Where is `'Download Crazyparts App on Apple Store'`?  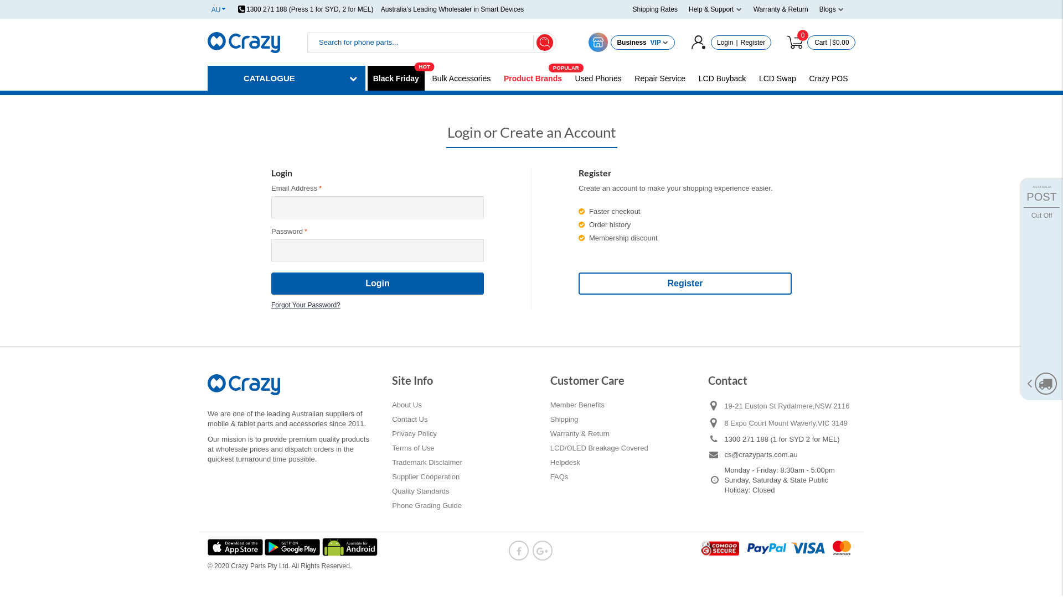
'Download Crazyparts App on Apple Store' is located at coordinates (235, 546).